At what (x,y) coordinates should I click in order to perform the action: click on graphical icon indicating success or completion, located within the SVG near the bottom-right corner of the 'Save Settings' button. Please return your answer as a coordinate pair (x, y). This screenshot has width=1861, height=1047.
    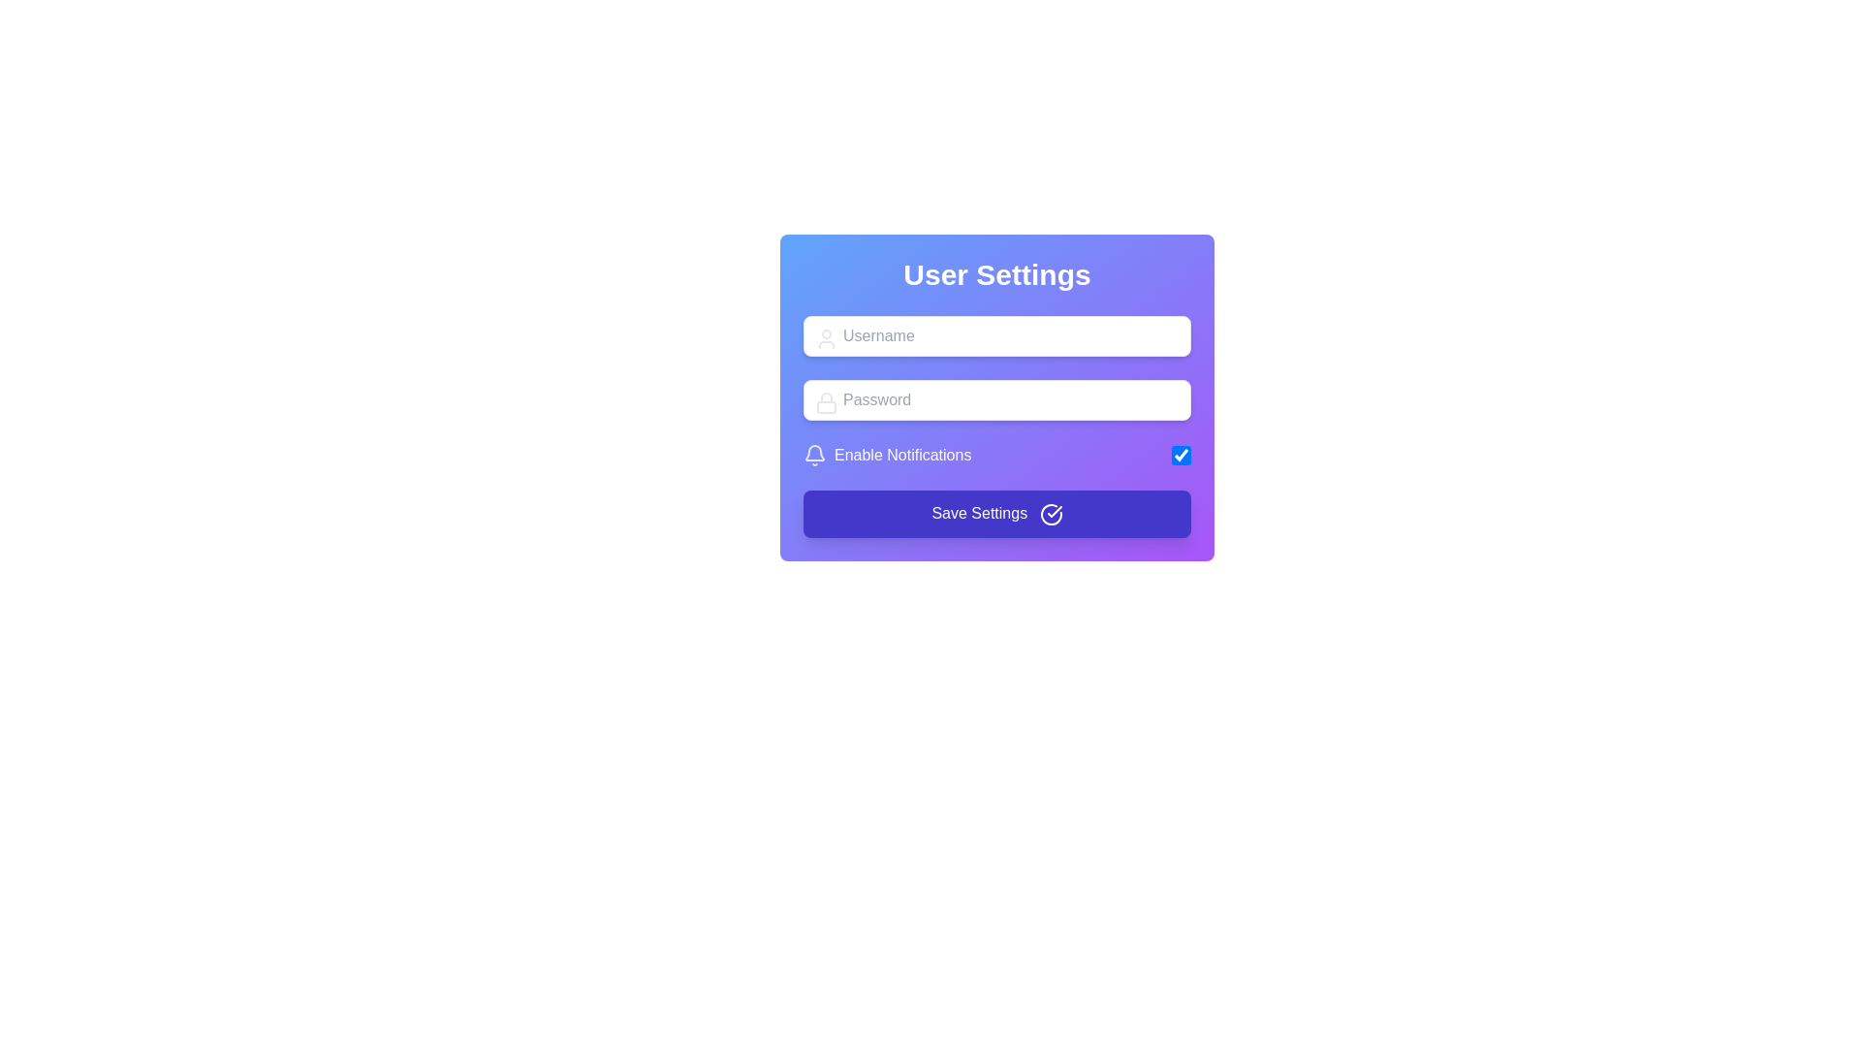
    Looking at the image, I should click on (1054, 510).